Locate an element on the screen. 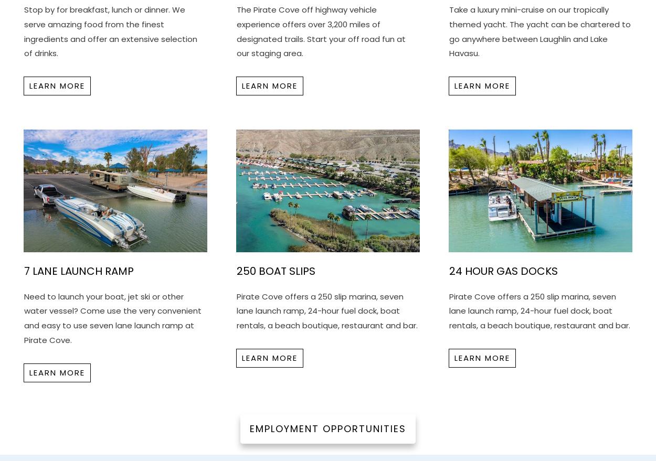 The height and width of the screenshot is (461, 656). '24 Hour Gas Docks' is located at coordinates (503, 270).